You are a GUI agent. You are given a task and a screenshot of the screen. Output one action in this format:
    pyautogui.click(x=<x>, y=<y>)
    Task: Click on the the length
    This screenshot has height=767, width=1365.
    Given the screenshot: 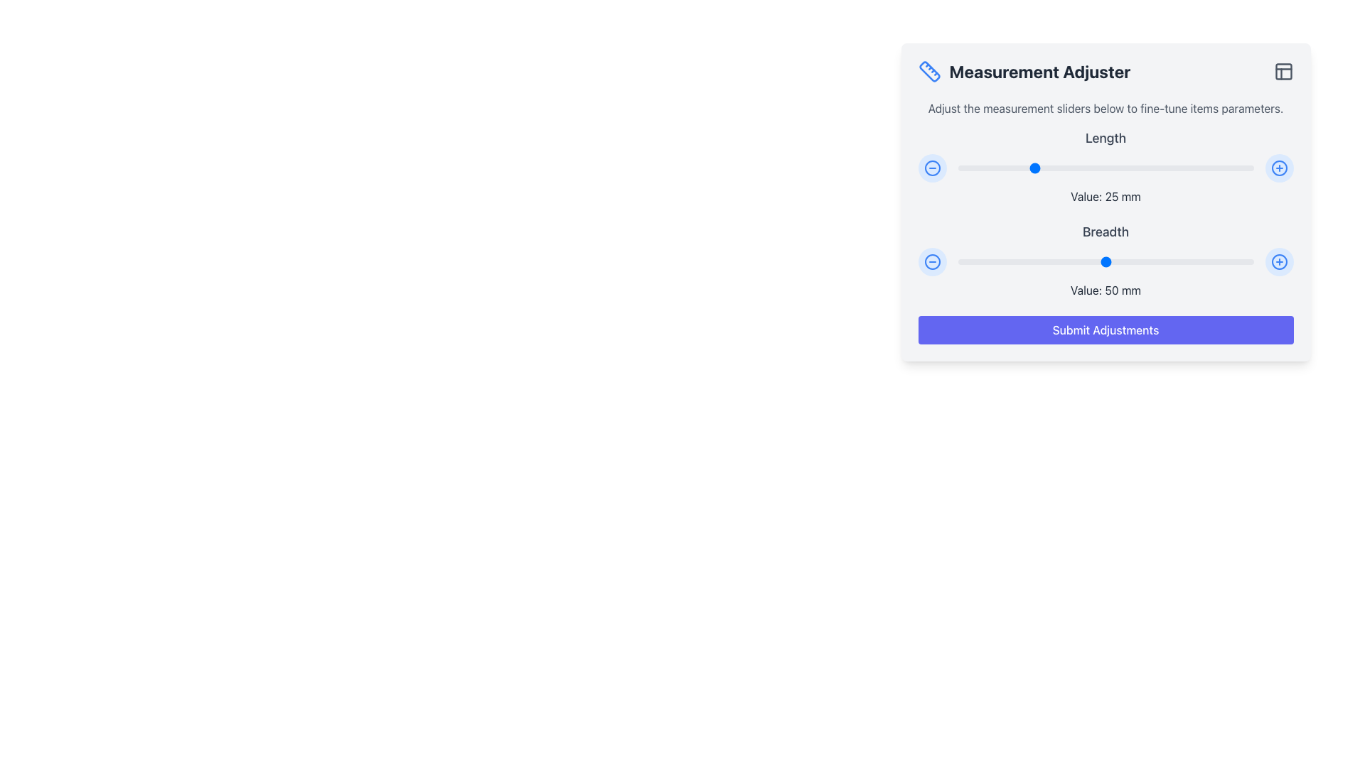 What is the action you would take?
    pyautogui.click(x=1099, y=167)
    